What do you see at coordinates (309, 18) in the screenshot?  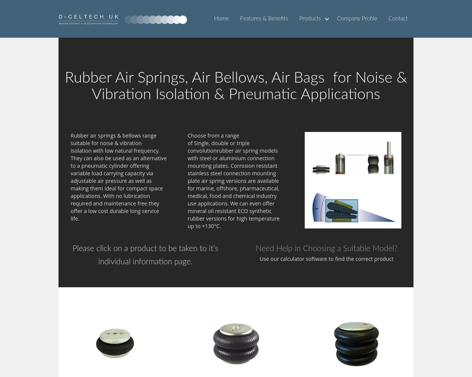 I see `'Products'` at bounding box center [309, 18].